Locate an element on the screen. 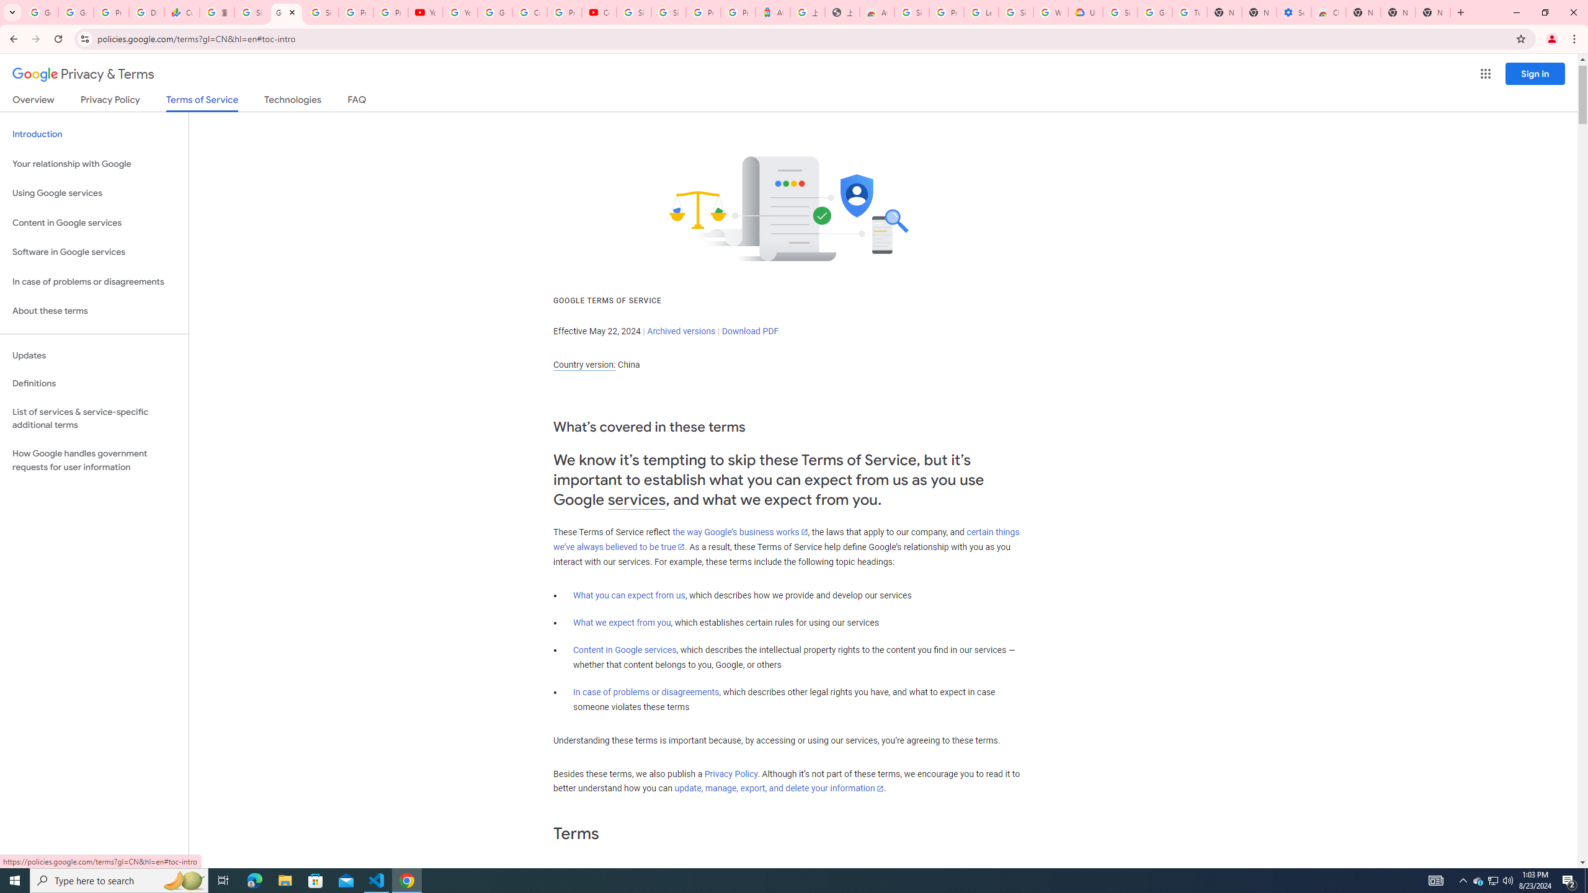 This screenshot has width=1588, height=893. 'Create your Google Account' is located at coordinates (529, 12).